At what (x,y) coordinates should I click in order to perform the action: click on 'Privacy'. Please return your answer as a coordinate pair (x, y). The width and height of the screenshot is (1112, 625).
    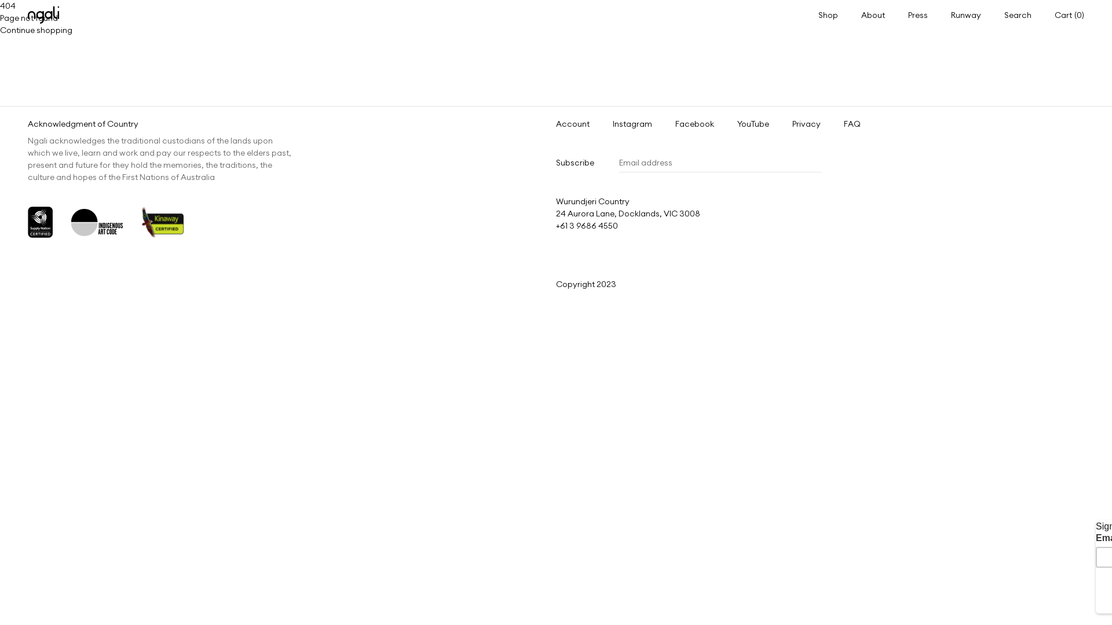
    Looking at the image, I should click on (806, 124).